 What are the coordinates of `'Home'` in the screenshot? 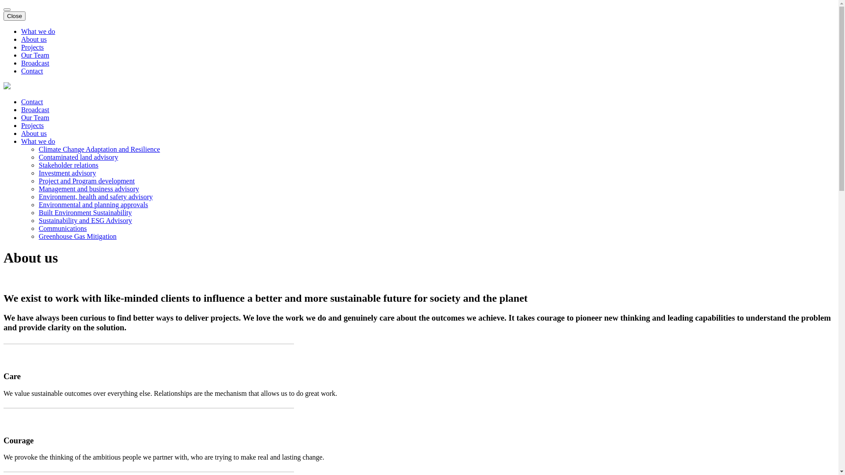 It's located at (7, 87).